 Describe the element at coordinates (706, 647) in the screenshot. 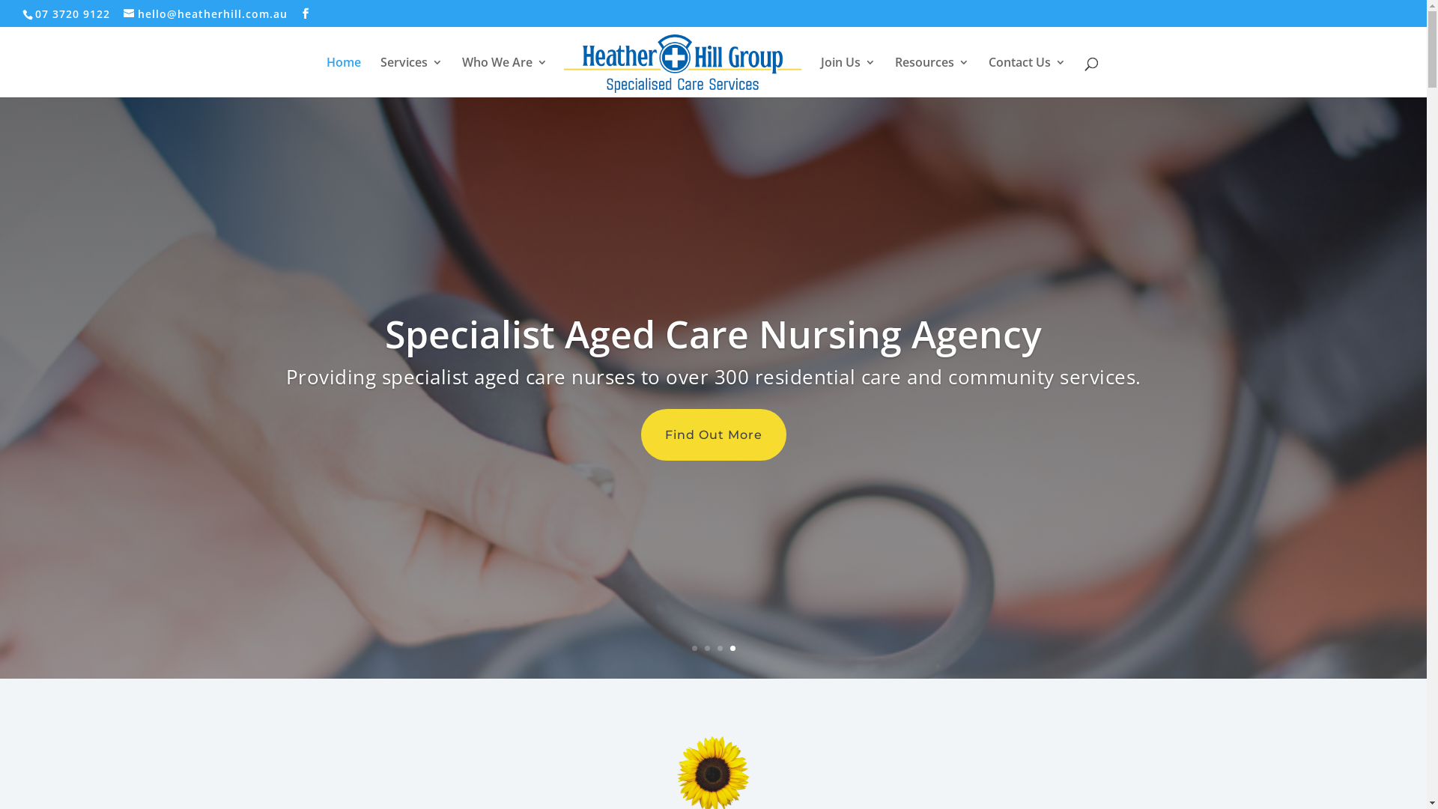

I see `'2'` at that location.